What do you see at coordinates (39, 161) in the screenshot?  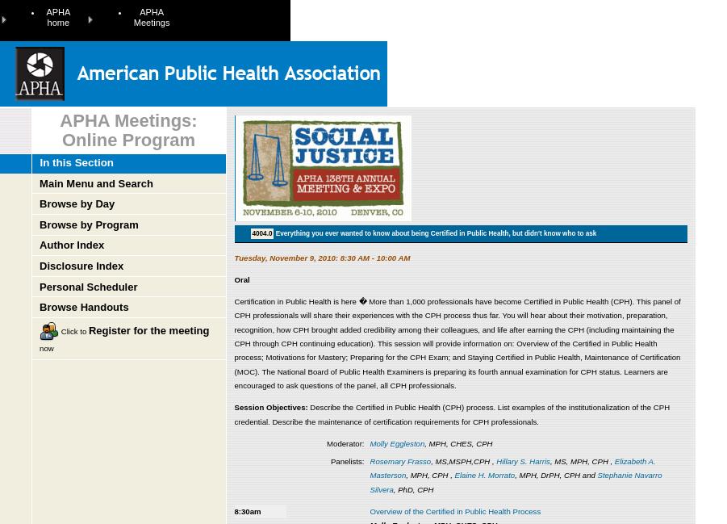 I see `'In this Section'` at bounding box center [39, 161].